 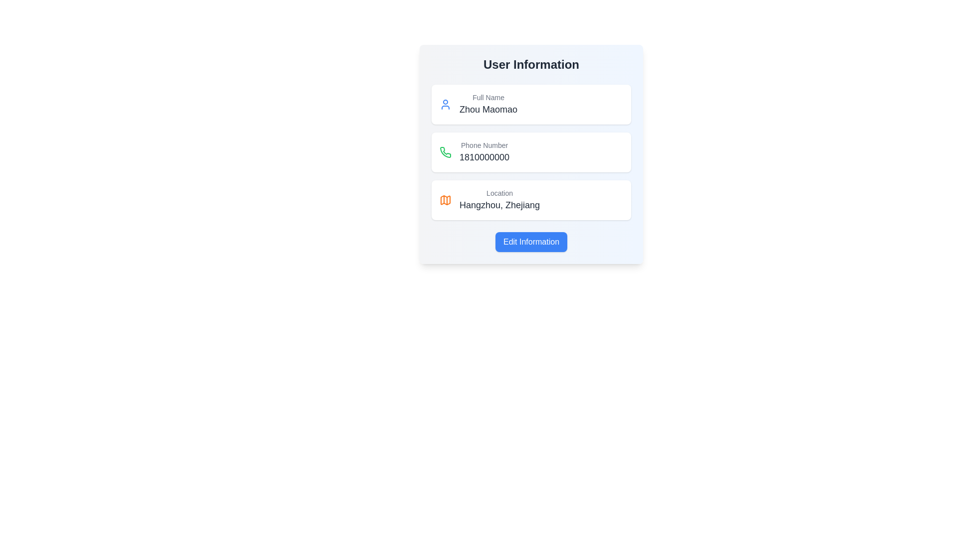 I want to click on the 'Phone Number' label displayed in small, medium-weight gray font, located above the phone number field in the second section of the form, so click(x=484, y=145).